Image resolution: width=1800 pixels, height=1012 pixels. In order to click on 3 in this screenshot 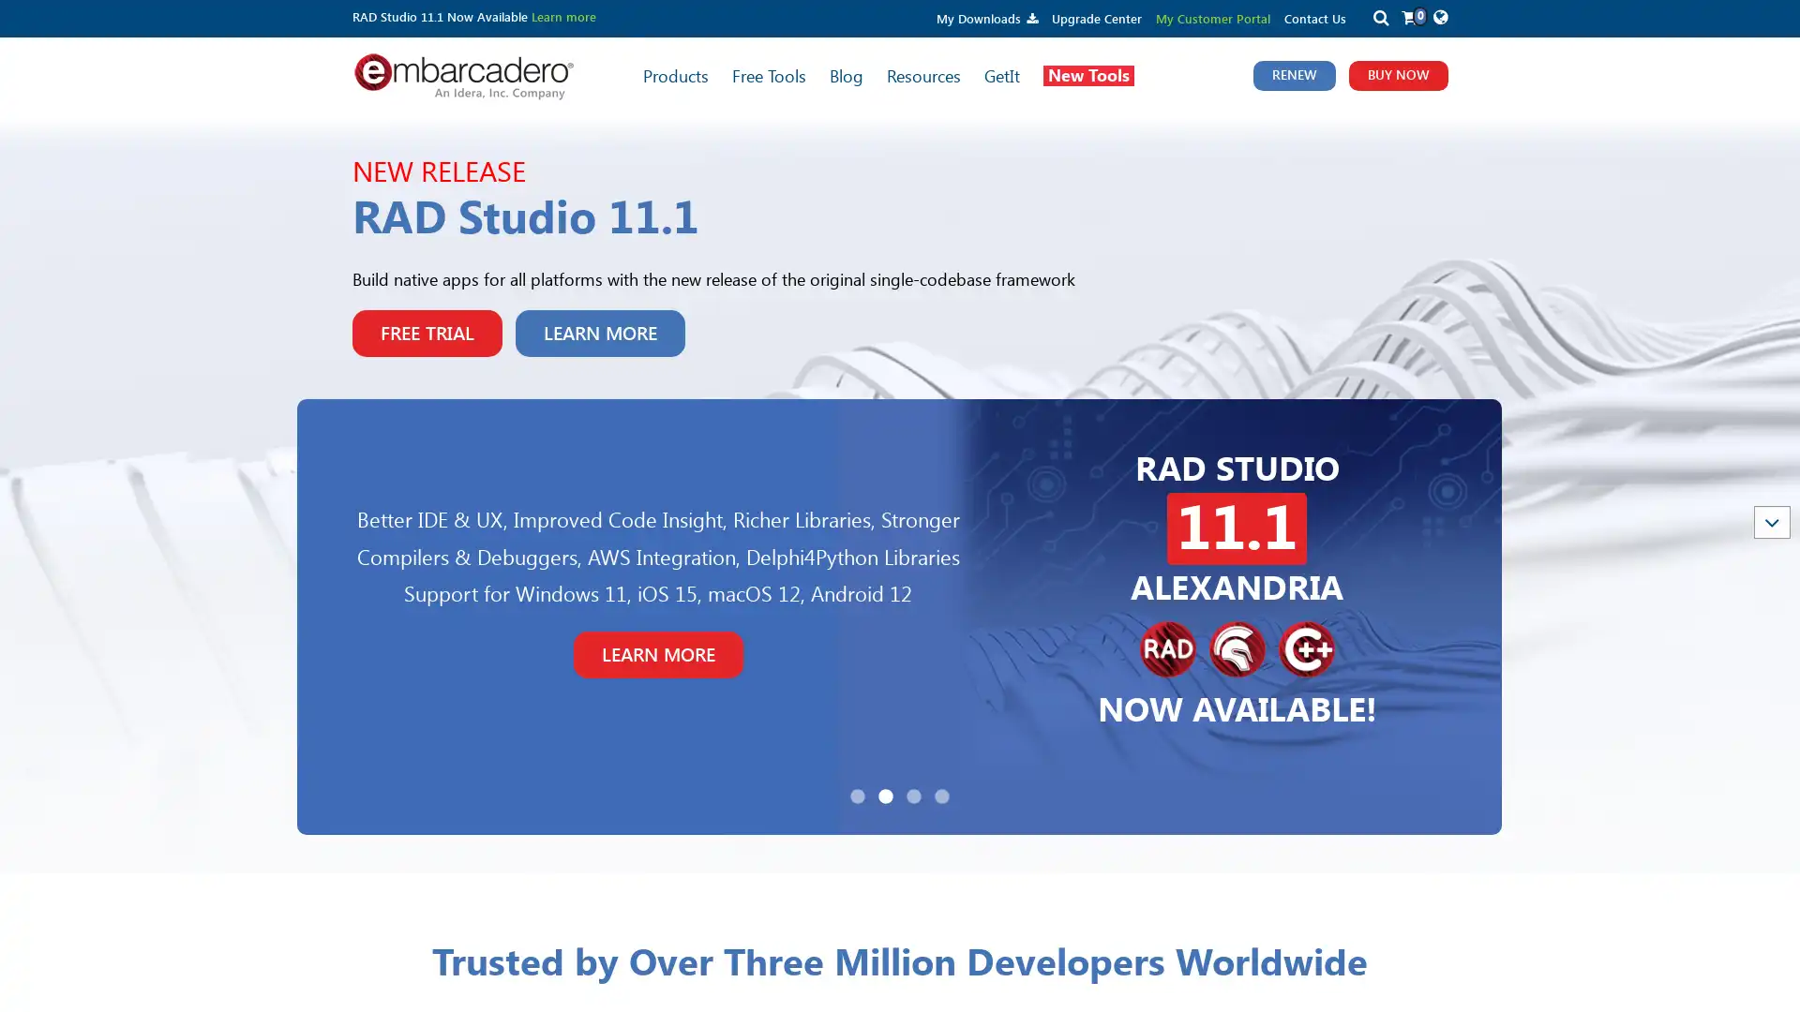, I will do `click(913, 796)`.